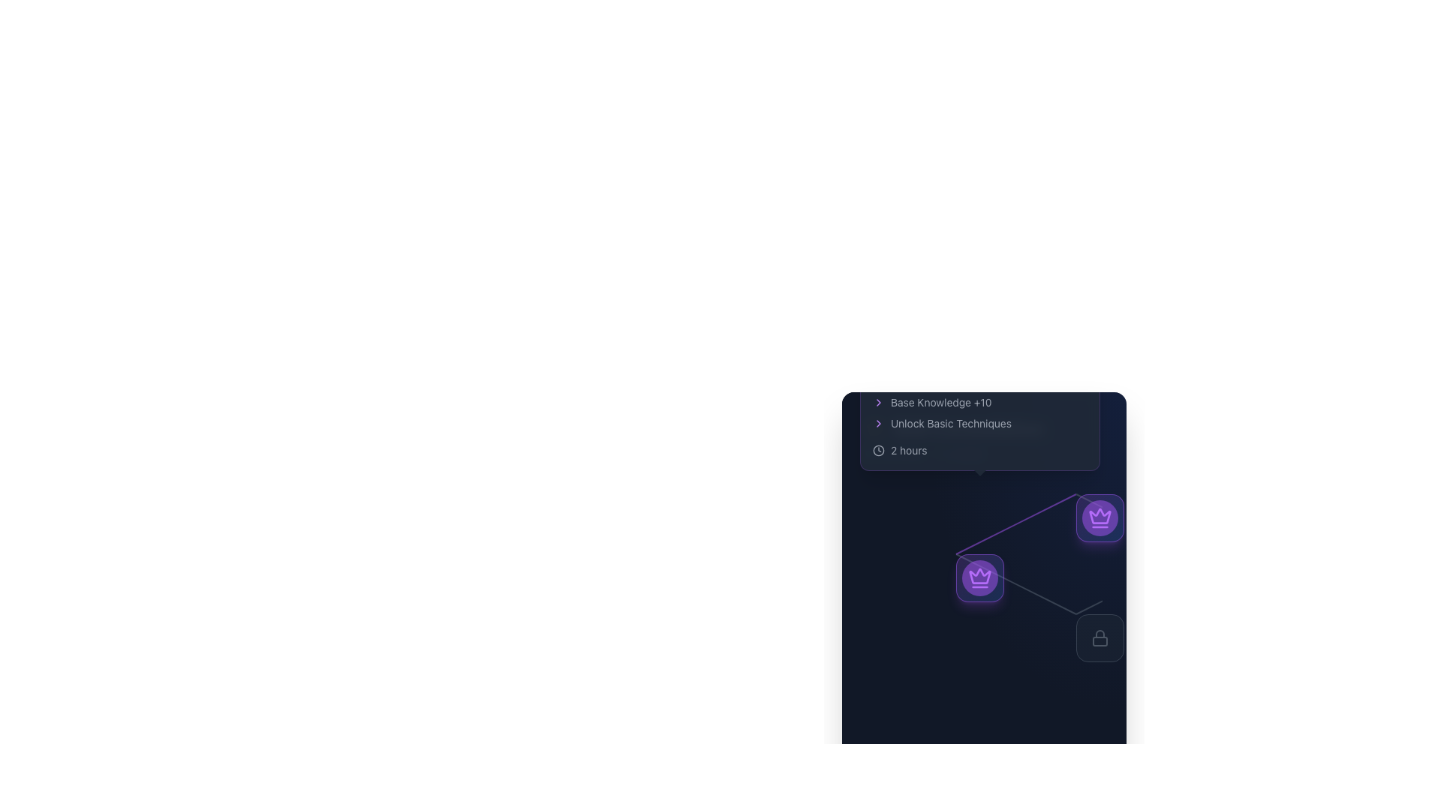 The height and width of the screenshot is (810, 1441). What do you see at coordinates (879, 423) in the screenshot?
I see `the chevron icon located to the left of the 'Unlock Basic Techniques' label, which indicates the potential for expansion or navigation` at bounding box center [879, 423].